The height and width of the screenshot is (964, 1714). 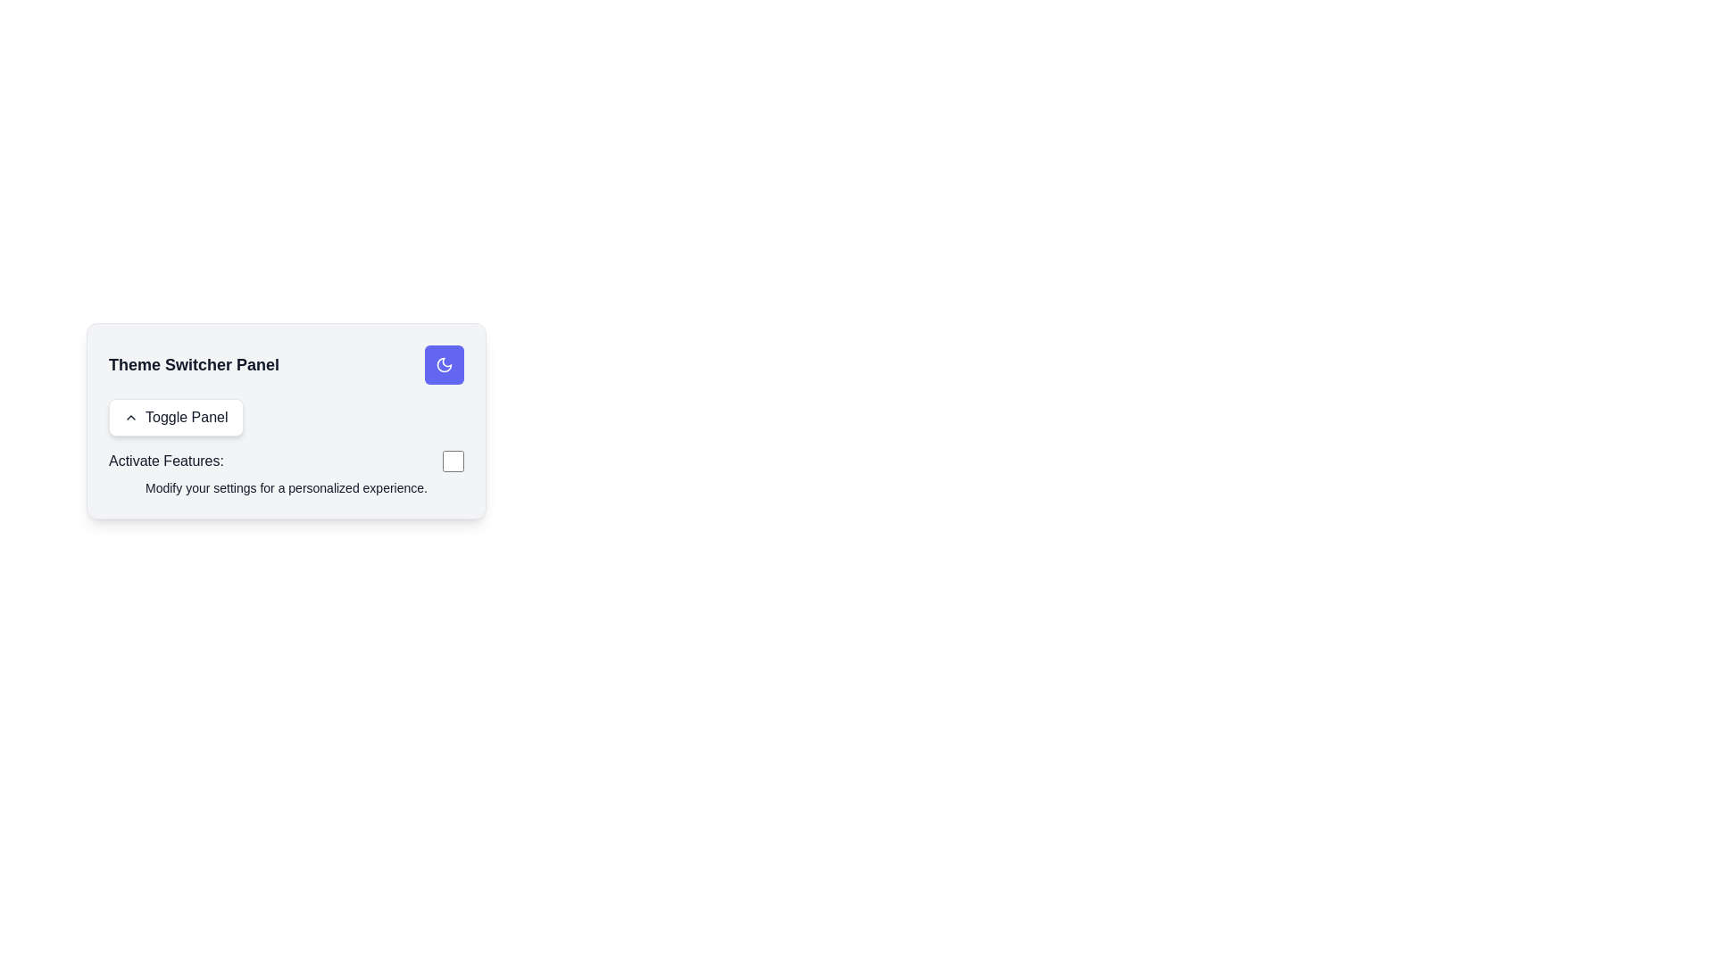 What do you see at coordinates (287, 488) in the screenshot?
I see `the informational text label located below the 'Activate Features:' checkbox in the settings panel, which guides users on utilizing the personalization options` at bounding box center [287, 488].